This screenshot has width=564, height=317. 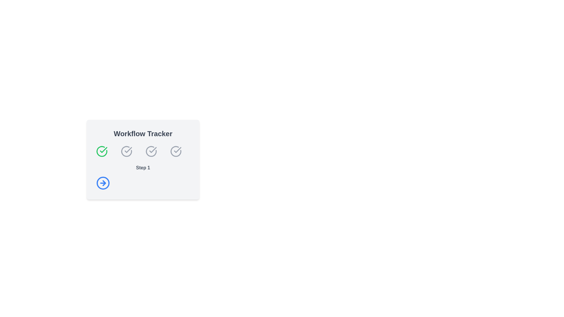 I want to click on the outer circular outline of the blue stroke circle within the circular arrow icon at the bottom left of the 'Workflow Tracker' card, so click(x=103, y=183).